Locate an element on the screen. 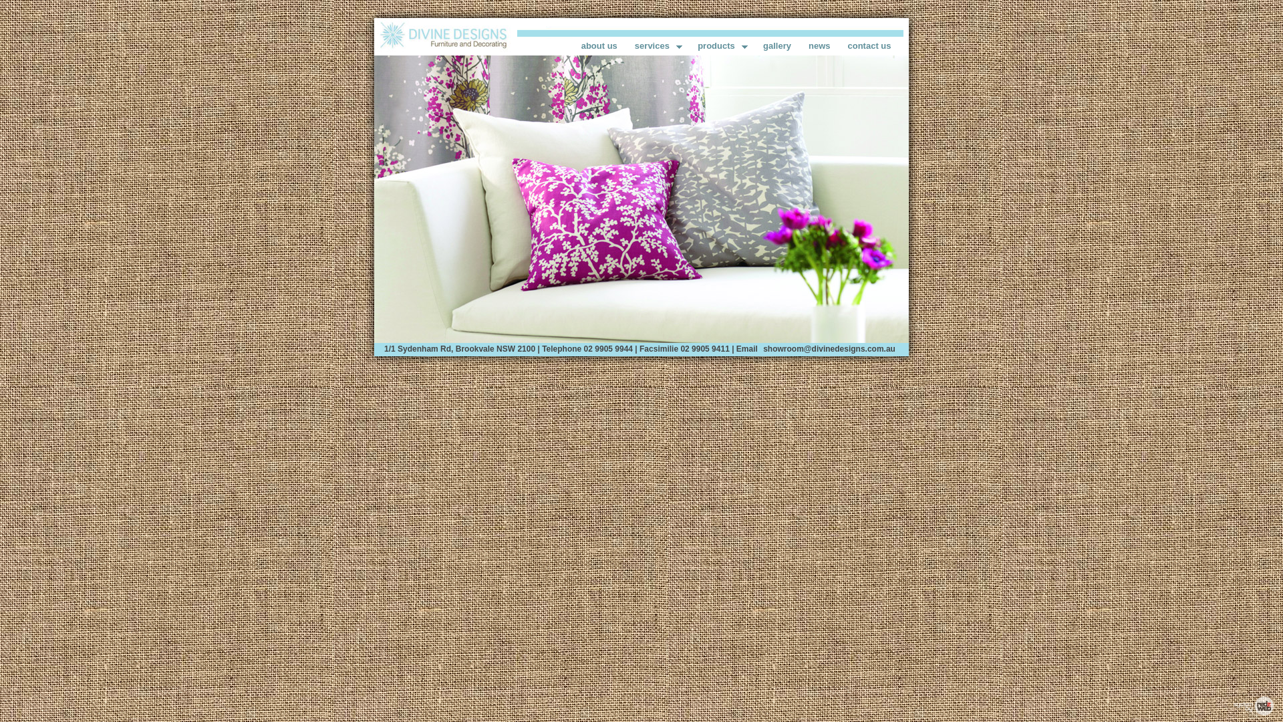 The height and width of the screenshot is (722, 1283). 'products' is located at coordinates (721, 45).